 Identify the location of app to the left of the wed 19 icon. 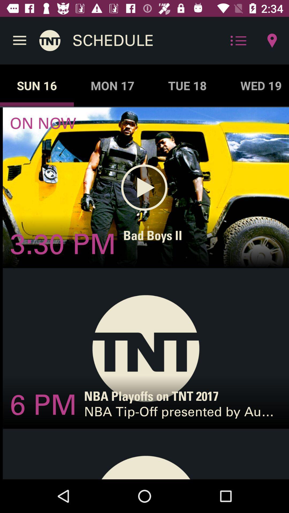
(187, 85).